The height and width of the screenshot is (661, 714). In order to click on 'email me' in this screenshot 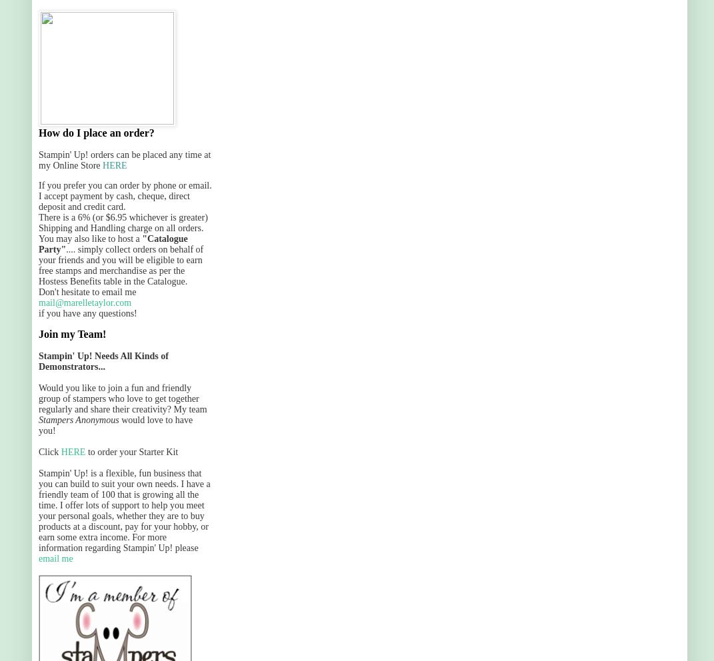, I will do `click(55, 558)`.